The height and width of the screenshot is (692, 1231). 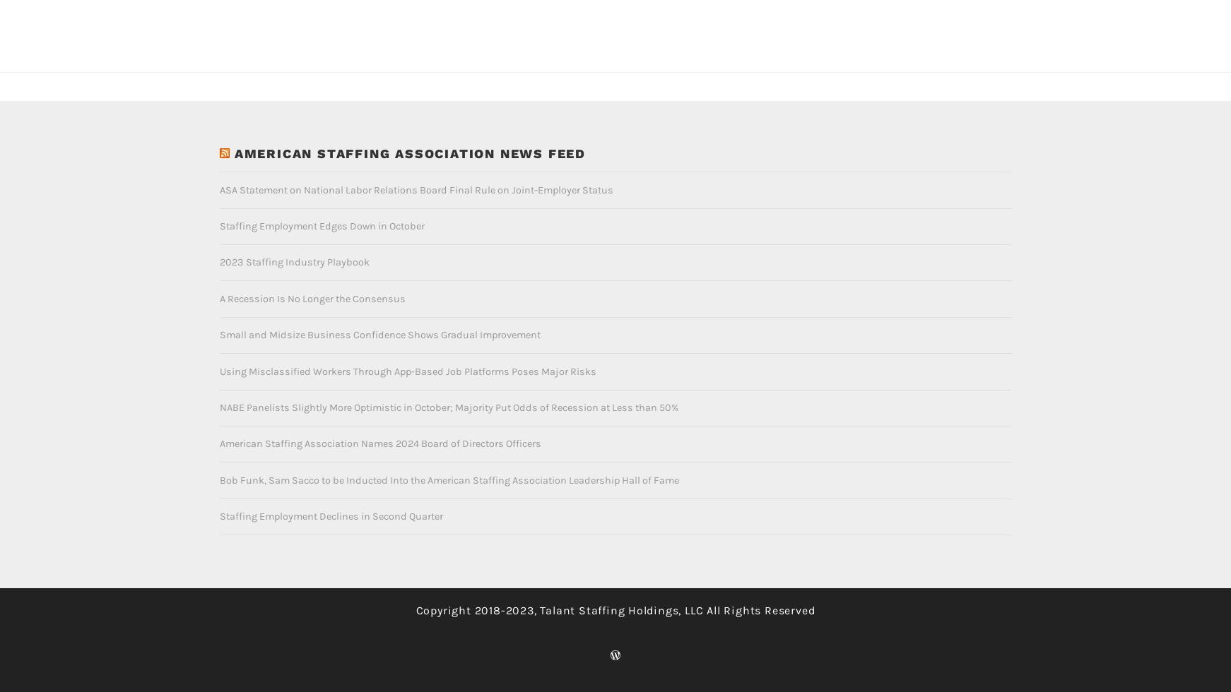 I want to click on 'Using Misclassified Workers Through App-Based Job Platforms Poses Major Risks', so click(x=408, y=348).